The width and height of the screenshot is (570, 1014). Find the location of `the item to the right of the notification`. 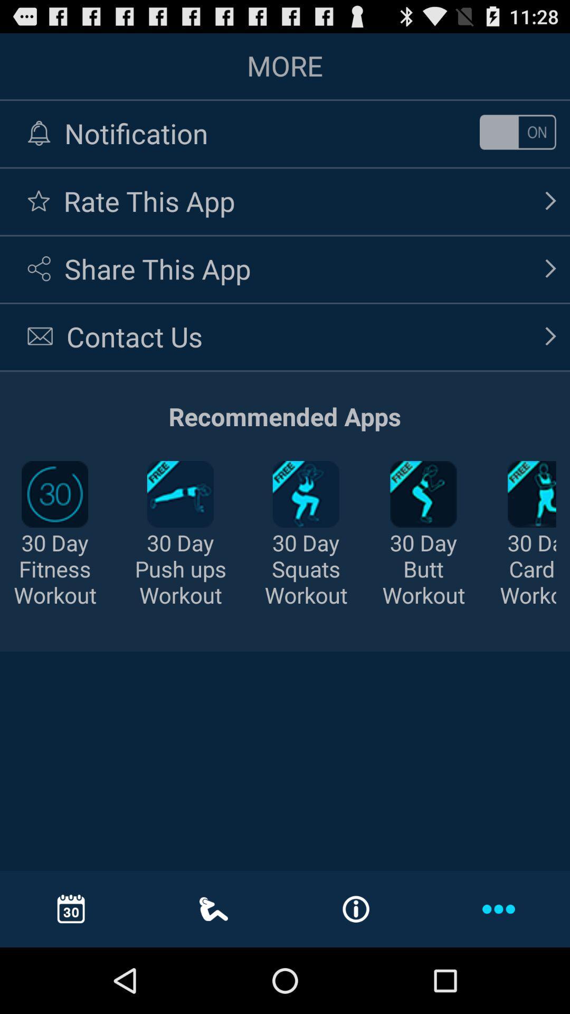

the item to the right of the notification is located at coordinates (517, 132).